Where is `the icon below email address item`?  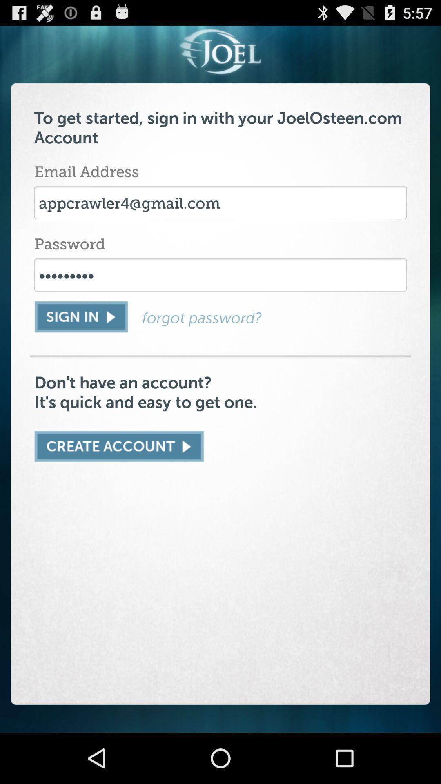
the icon below email address item is located at coordinates (220, 203).